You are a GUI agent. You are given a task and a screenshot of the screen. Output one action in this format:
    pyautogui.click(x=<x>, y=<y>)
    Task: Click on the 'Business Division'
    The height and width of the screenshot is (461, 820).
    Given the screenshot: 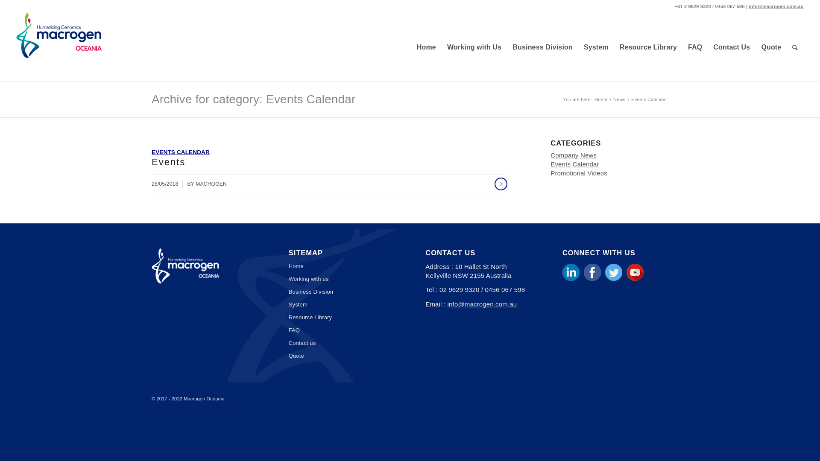 What is the action you would take?
    pyautogui.click(x=342, y=291)
    